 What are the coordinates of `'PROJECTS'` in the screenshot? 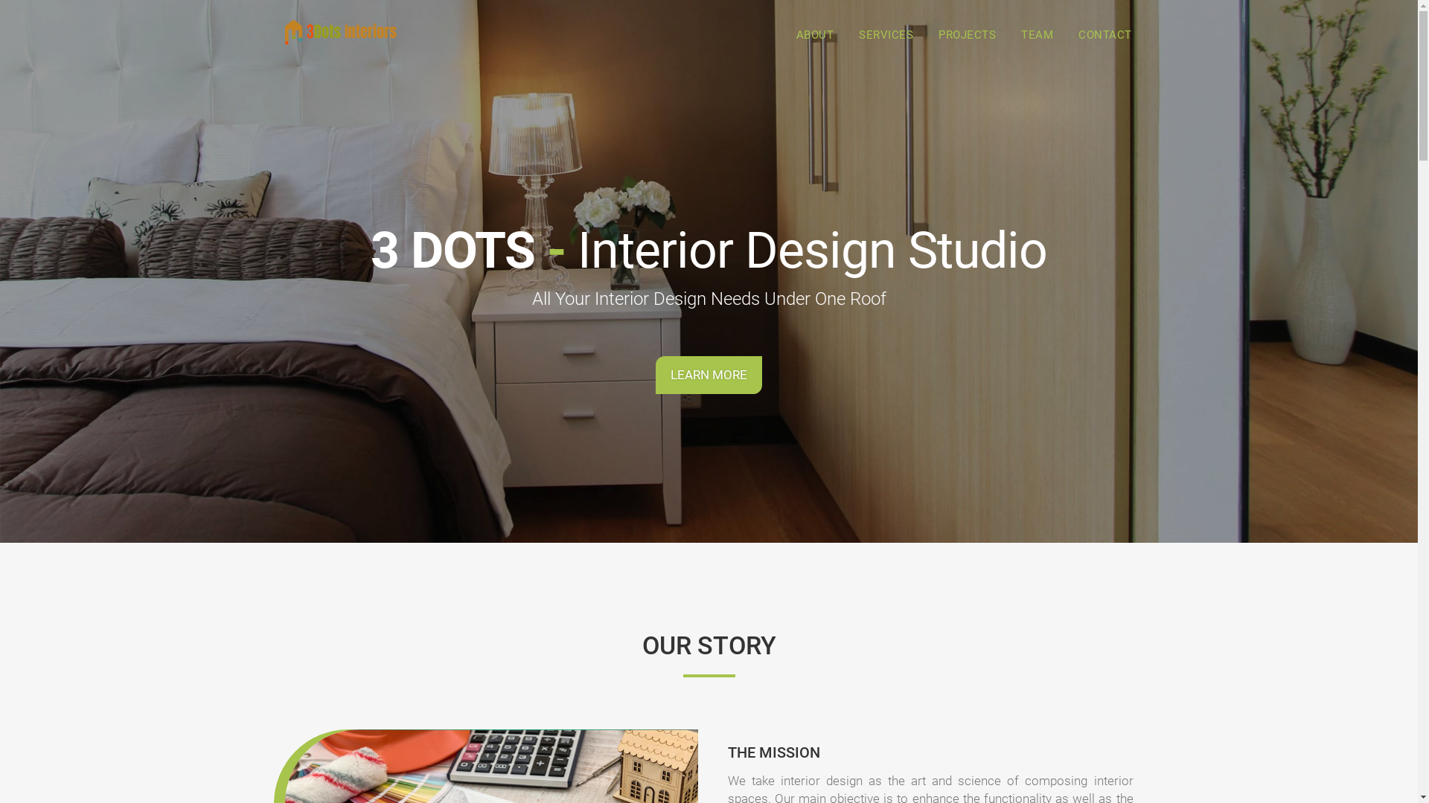 It's located at (936, 33).